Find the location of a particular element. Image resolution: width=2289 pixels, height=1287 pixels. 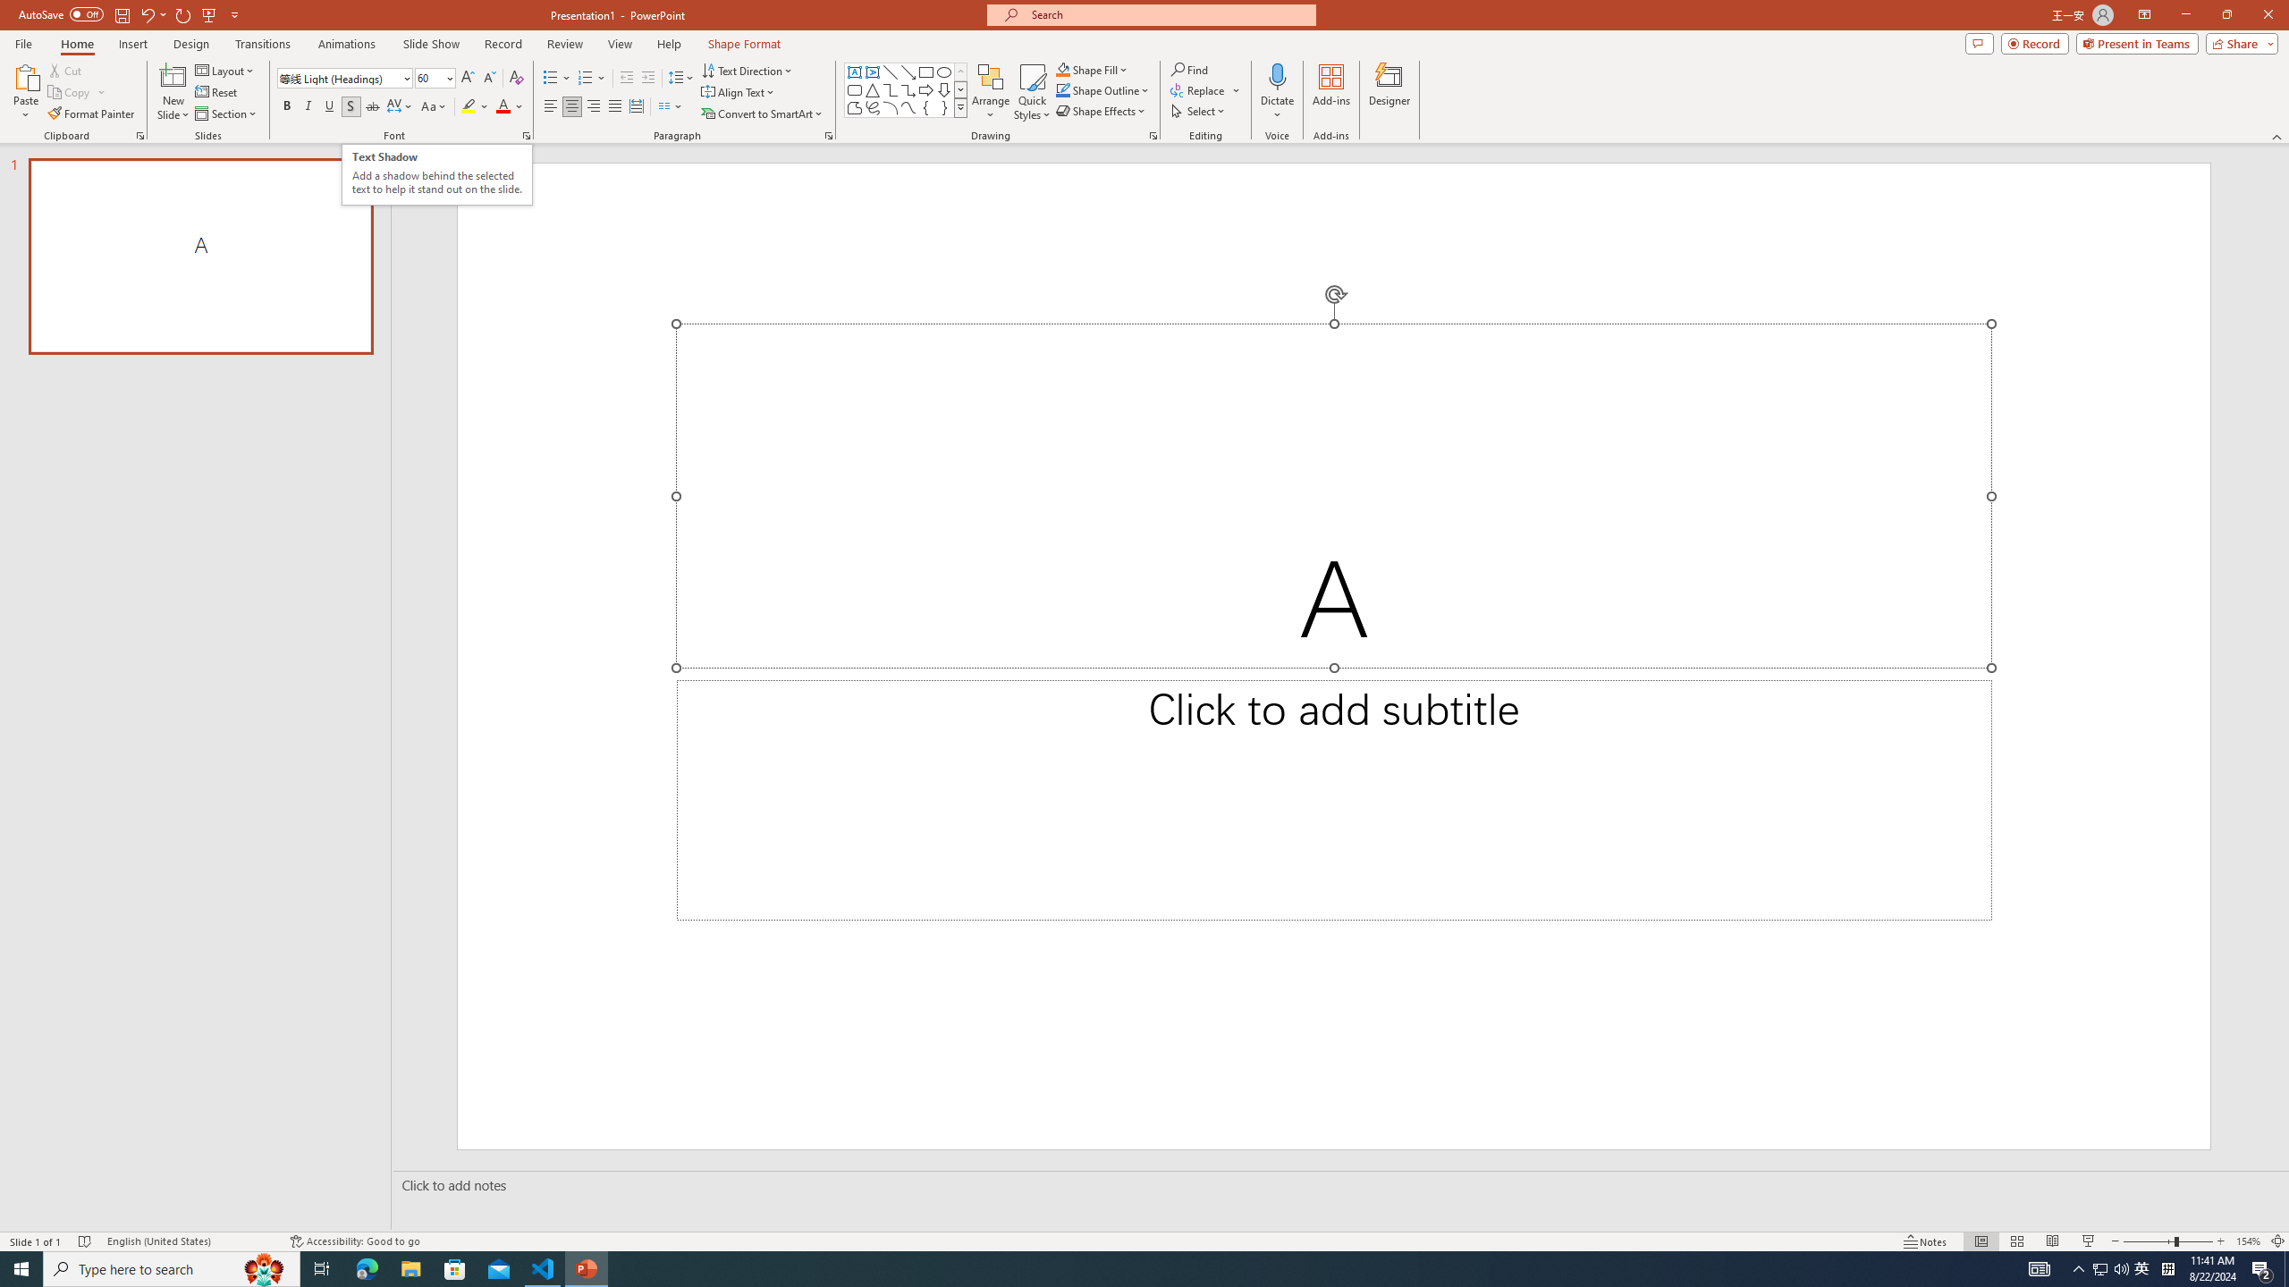

'Zoom 154%' is located at coordinates (2249, 1241).